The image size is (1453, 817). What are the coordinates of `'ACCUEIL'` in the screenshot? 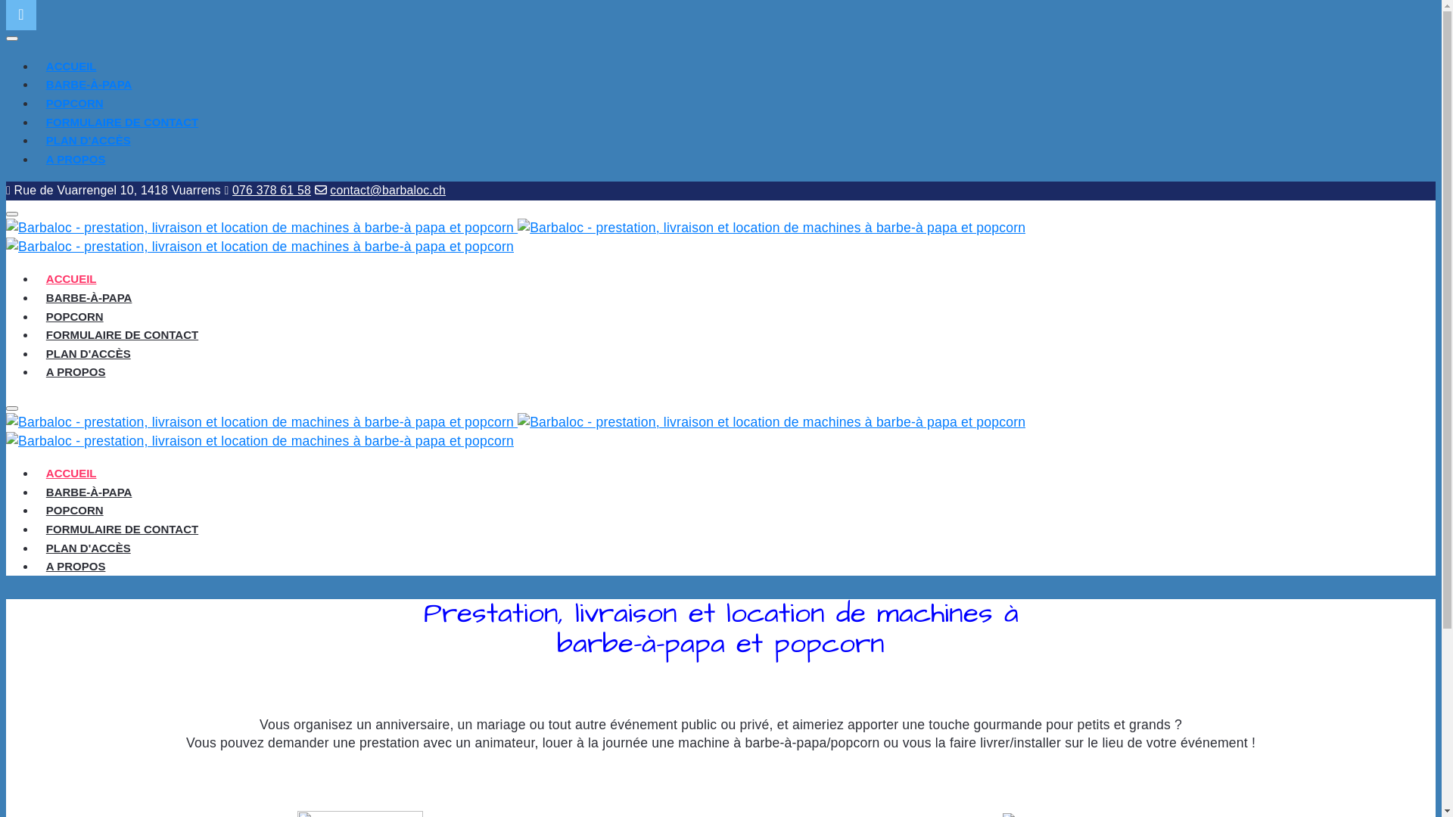 It's located at (36, 472).